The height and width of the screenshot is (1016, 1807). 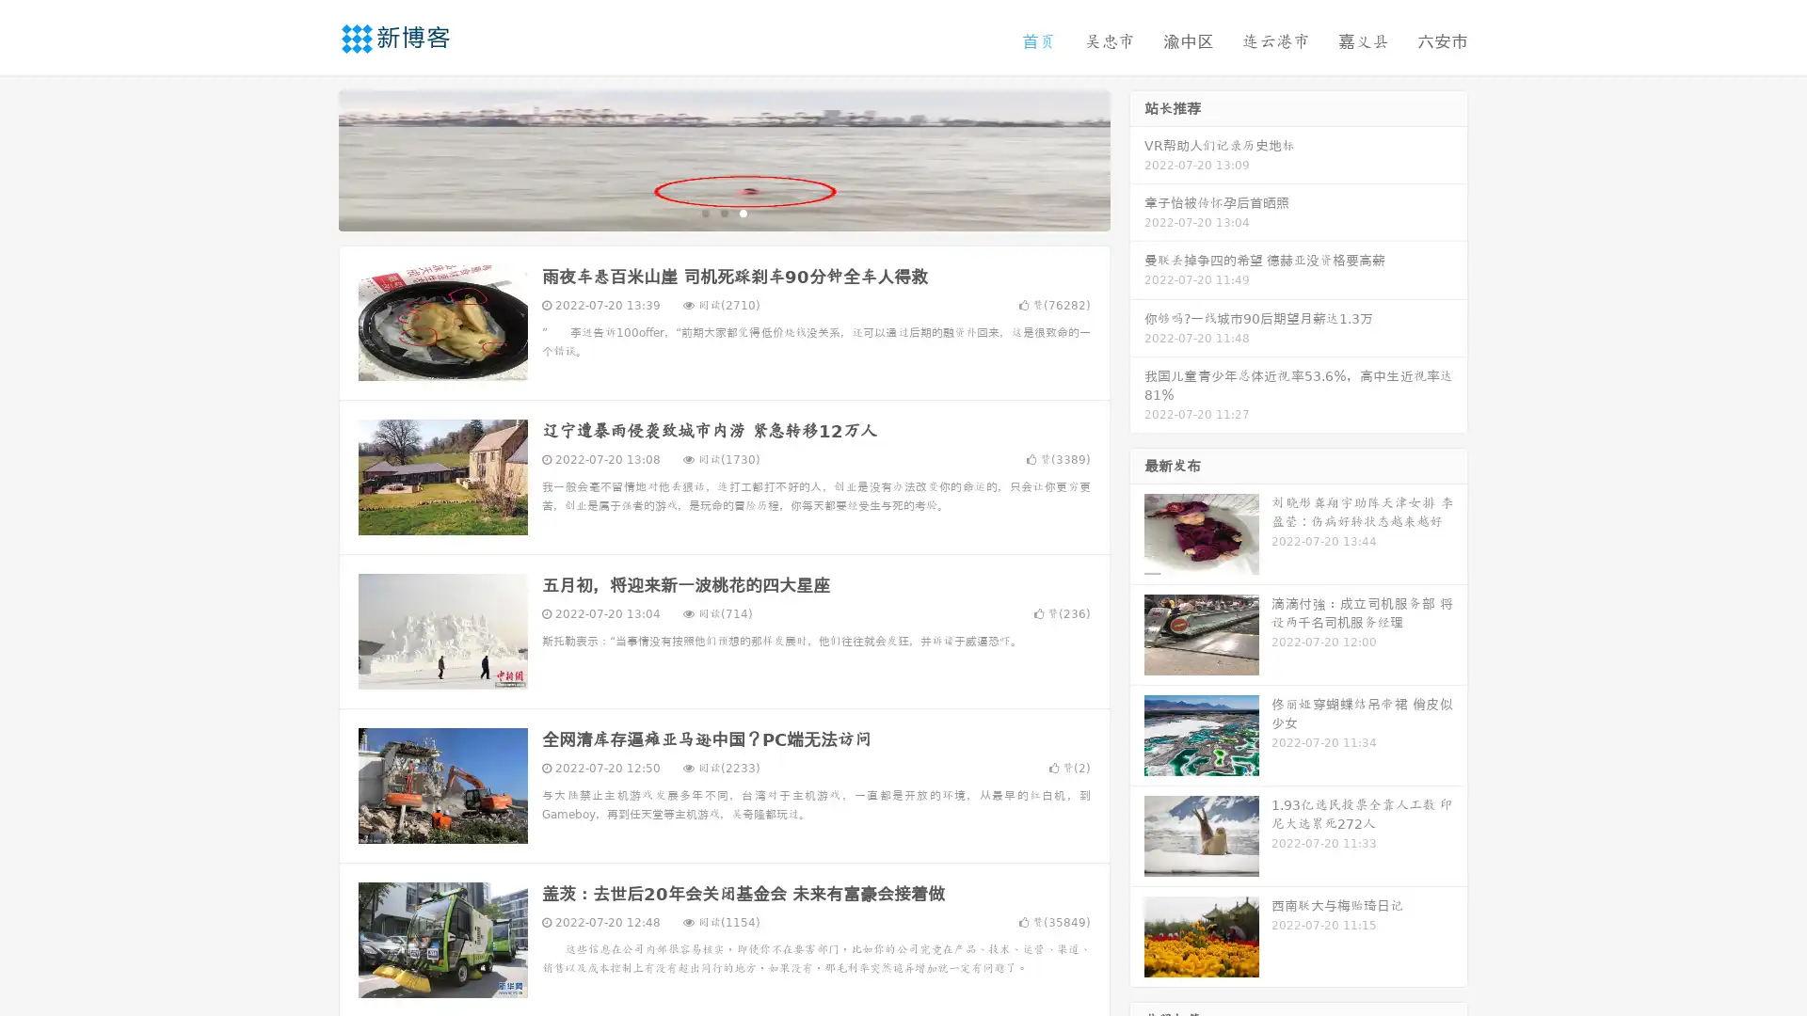 What do you see at coordinates (704, 212) in the screenshot?
I see `Go to slide 1` at bounding box center [704, 212].